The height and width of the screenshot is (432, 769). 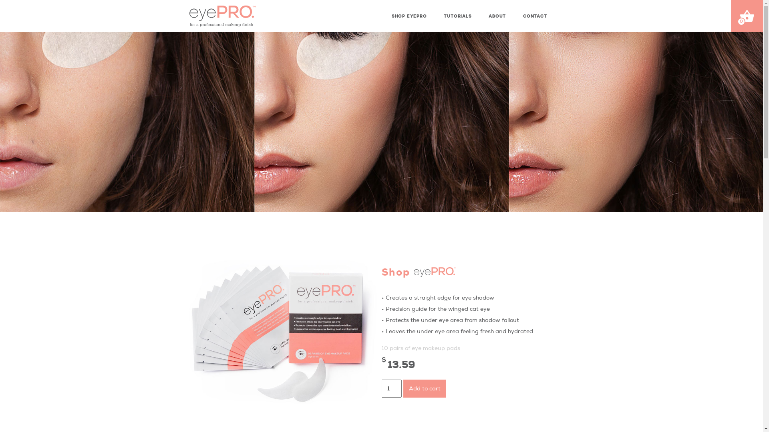 I want to click on 'TUTORIALS', so click(x=457, y=13).